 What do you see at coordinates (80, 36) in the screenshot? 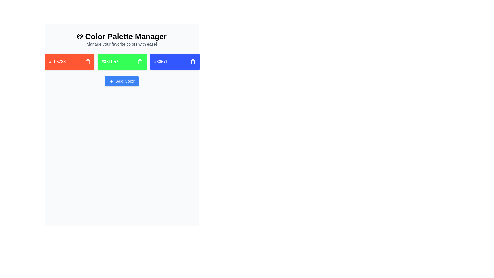
I see `the decorative icon representing the 'Color Palette Manager' tool located just to the left of the title text in the header section` at bounding box center [80, 36].